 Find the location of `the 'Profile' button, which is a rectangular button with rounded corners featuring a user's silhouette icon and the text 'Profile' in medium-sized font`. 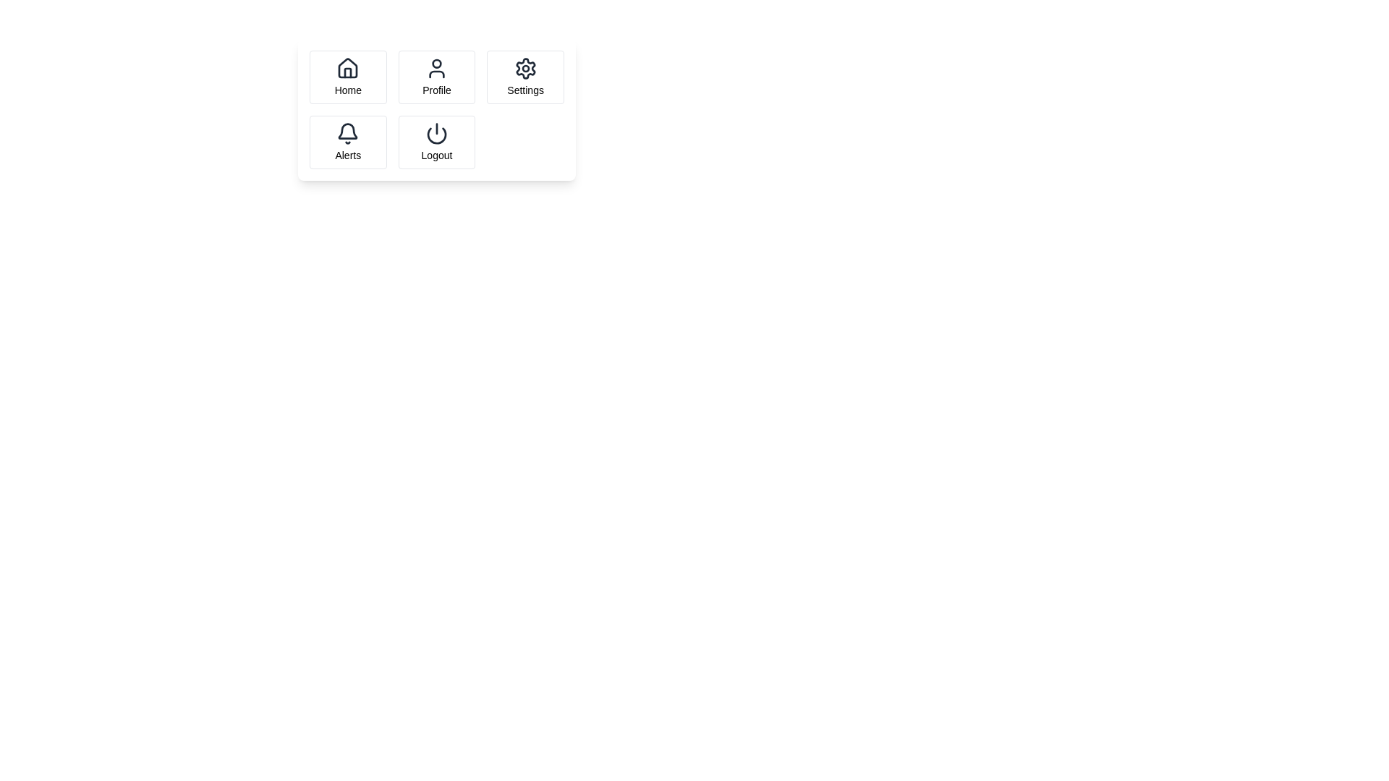

the 'Profile' button, which is a rectangular button with rounded corners featuring a user's silhouette icon and the text 'Profile' in medium-sized font is located at coordinates (436, 77).